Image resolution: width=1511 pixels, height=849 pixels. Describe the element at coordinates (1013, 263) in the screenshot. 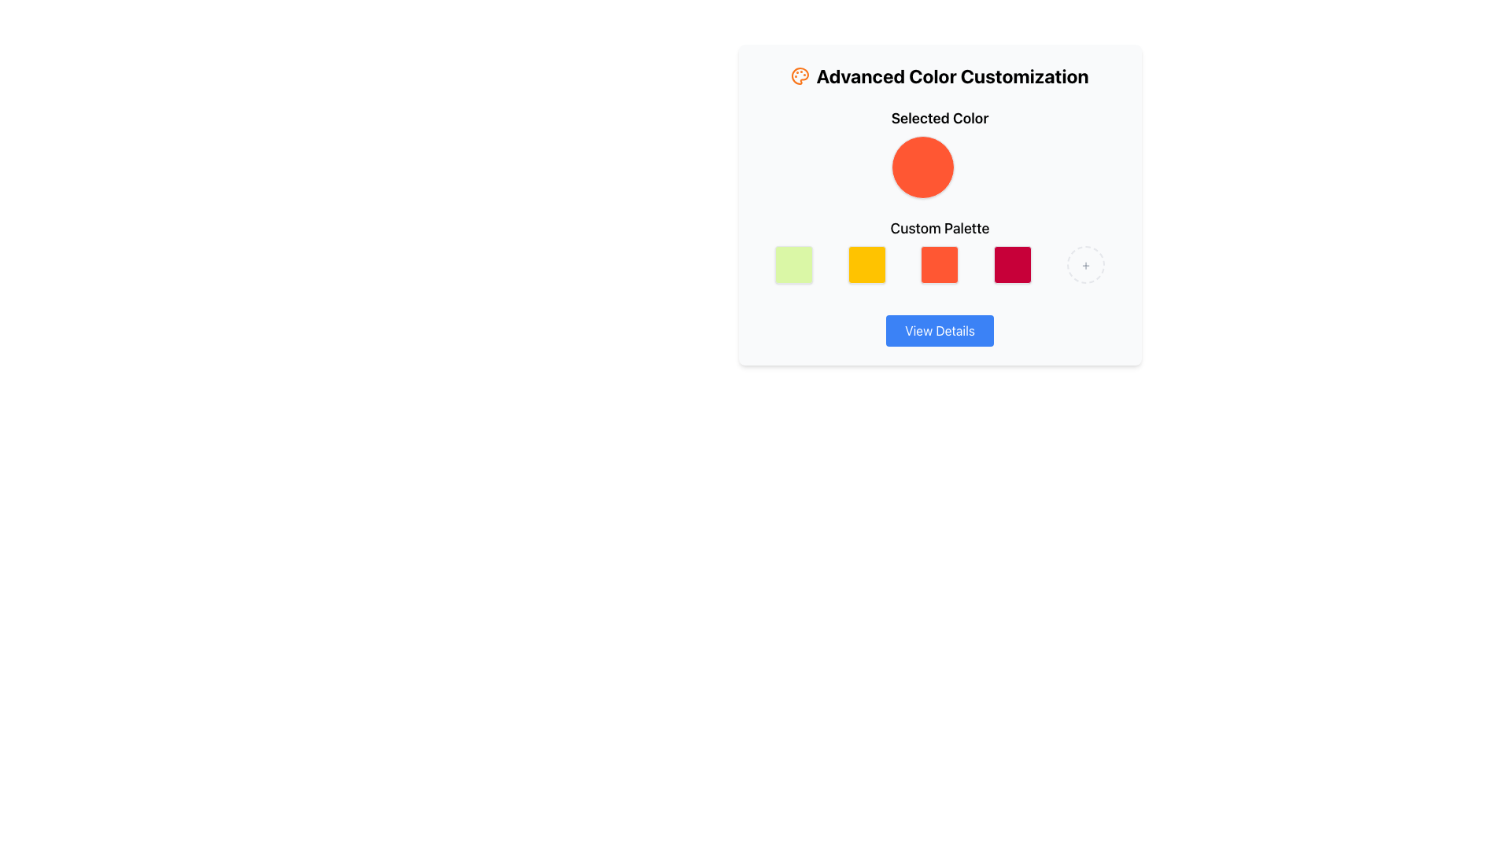

I see `the fourth square block in the 'Custom Palette' color selection row` at that location.